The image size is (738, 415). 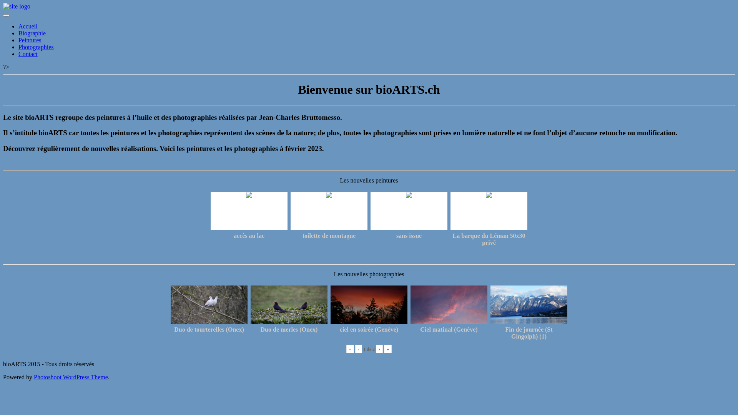 I want to click on 'Photoshoot WordPress Theme', so click(x=71, y=377).